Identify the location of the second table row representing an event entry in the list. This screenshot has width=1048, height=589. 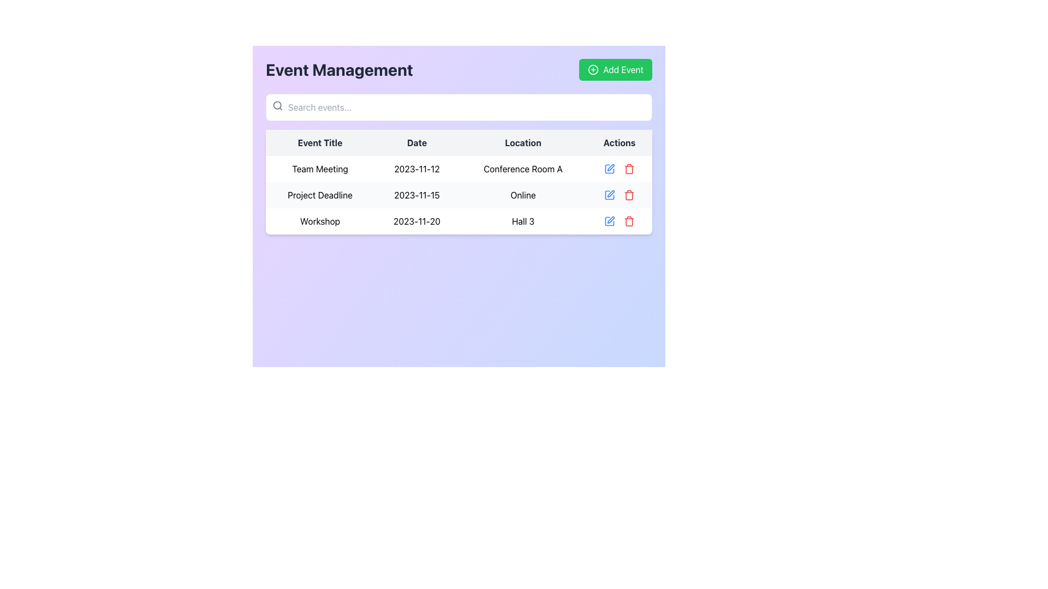
(458, 195).